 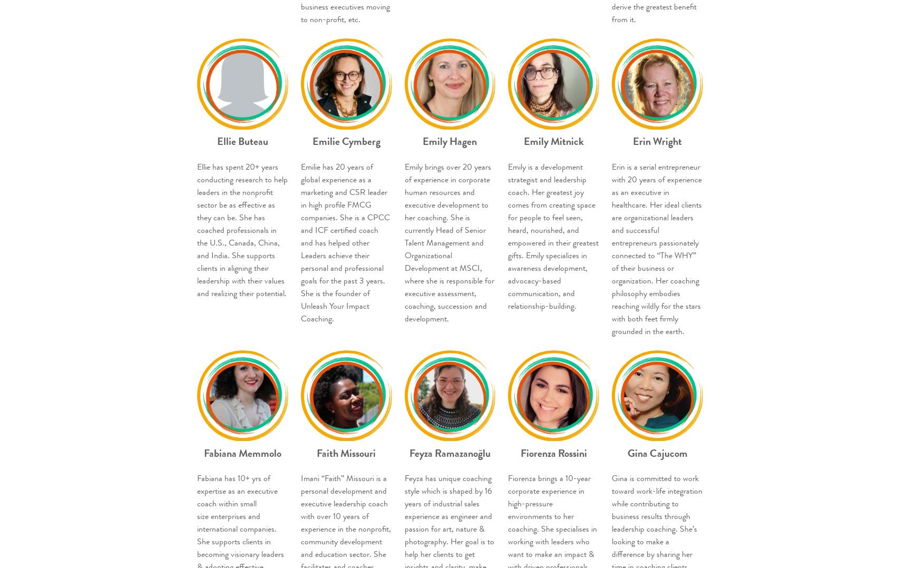 I want to click on 'Fiorenza Rossini', so click(x=553, y=452).